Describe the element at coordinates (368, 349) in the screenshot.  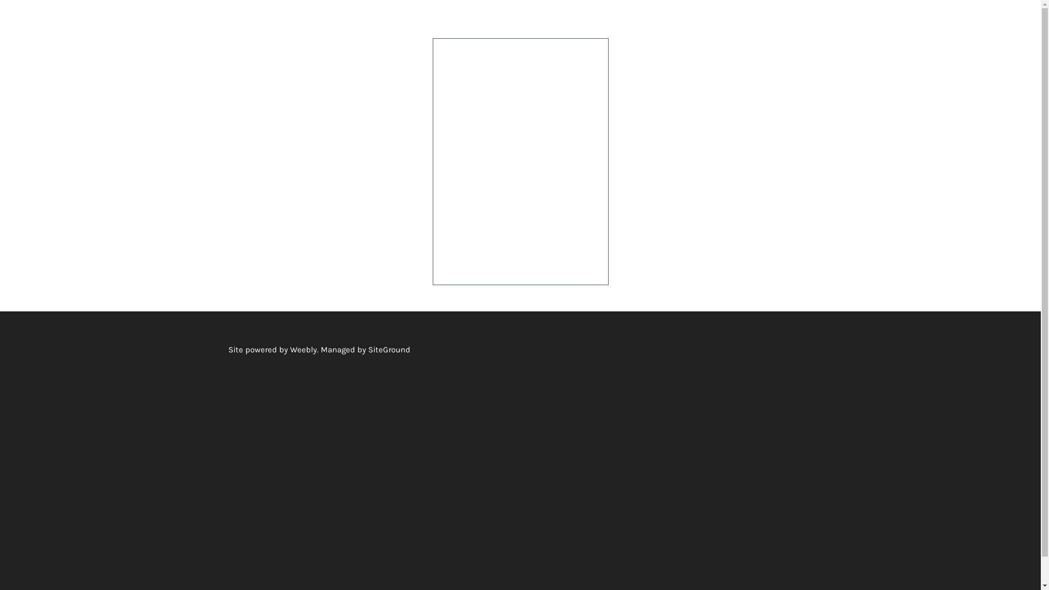
I see `'SiteGround'` at that location.